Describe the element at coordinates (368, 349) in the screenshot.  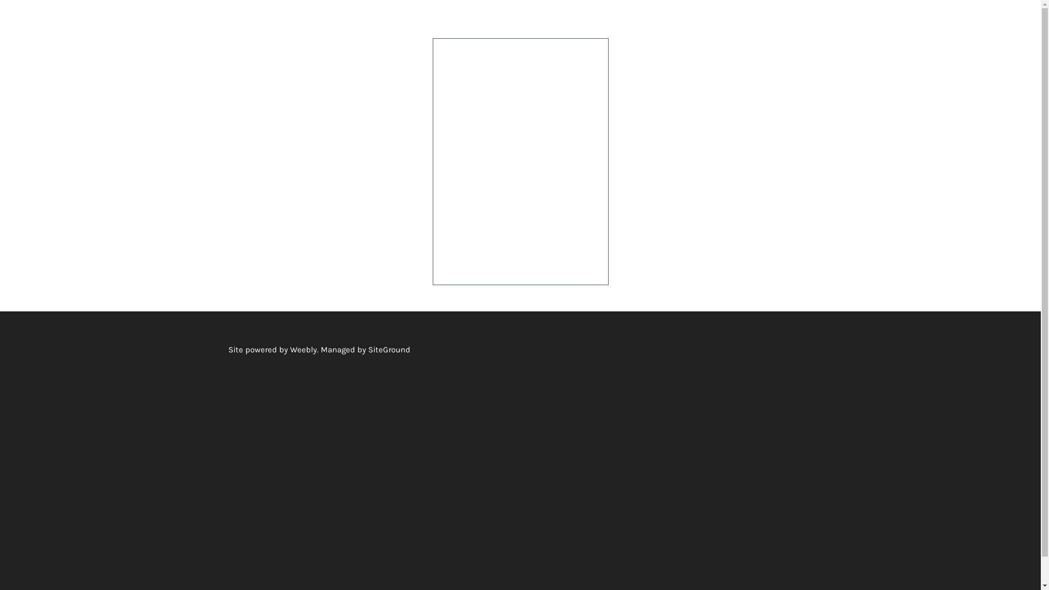
I see `'SiteGround'` at that location.